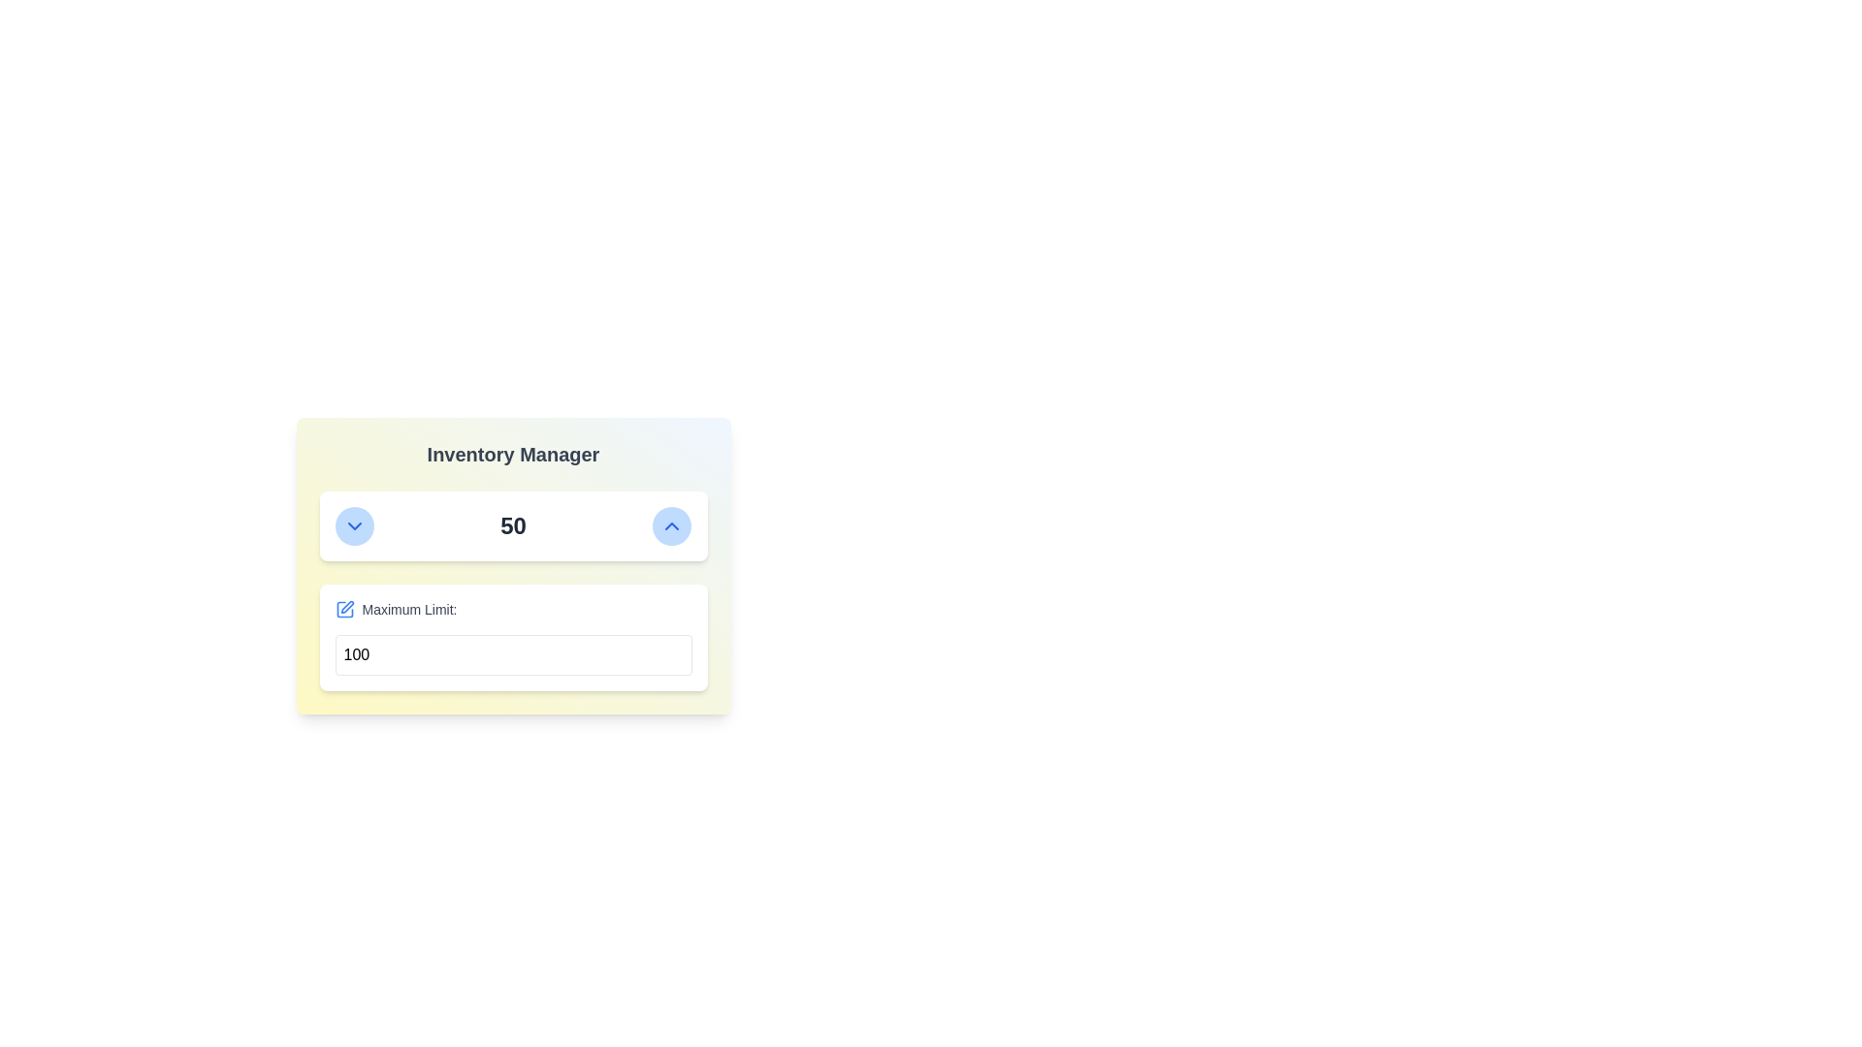 The image size is (1862, 1047). Describe the element at coordinates (513, 526) in the screenshot. I see `the numeric display showing '50', which is styled in bold and centered between two circular buttons with arrows` at that location.